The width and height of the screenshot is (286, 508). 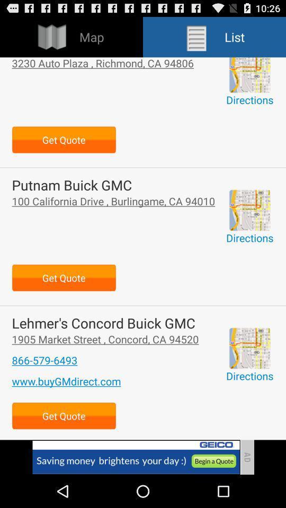 I want to click on option to get directions, so click(x=249, y=348).